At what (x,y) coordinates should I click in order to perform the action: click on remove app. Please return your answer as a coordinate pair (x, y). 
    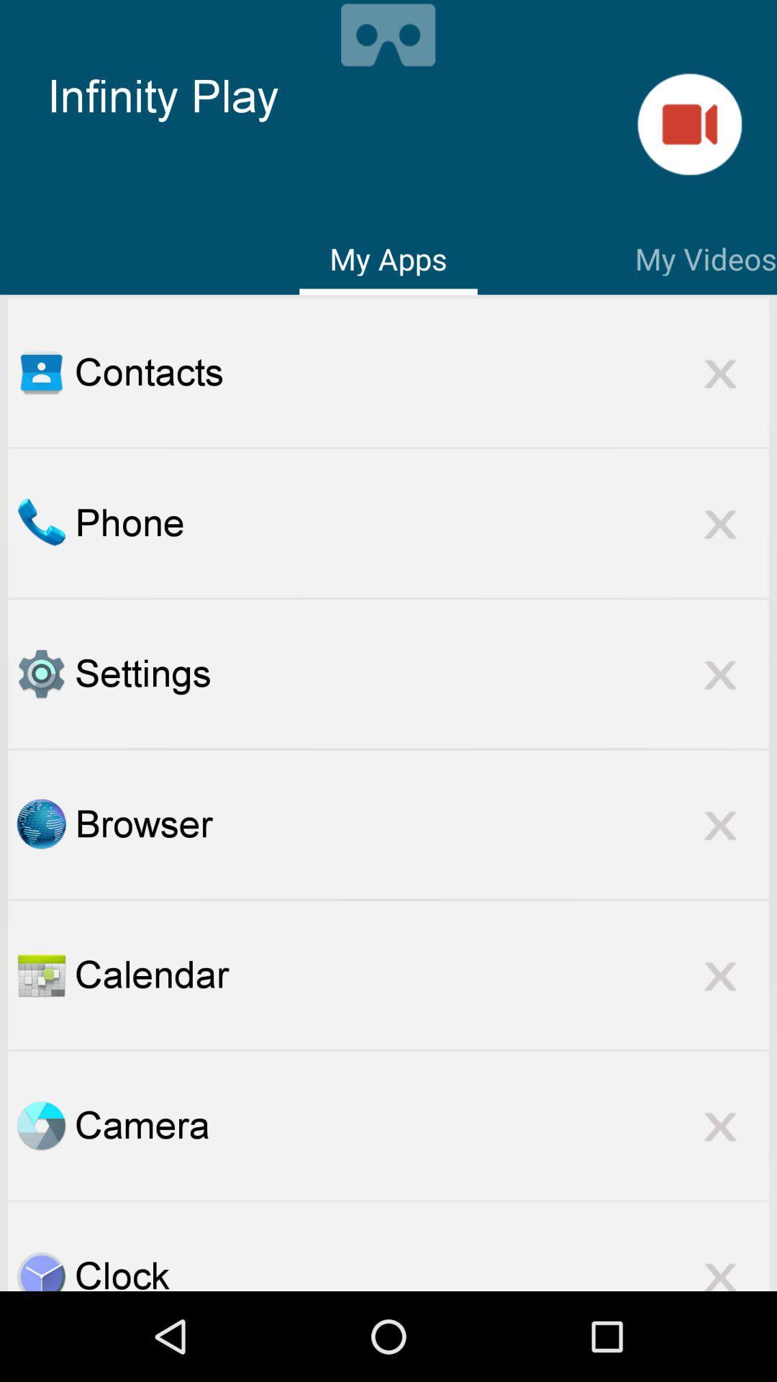
    Looking at the image, I should click on (720, 523).